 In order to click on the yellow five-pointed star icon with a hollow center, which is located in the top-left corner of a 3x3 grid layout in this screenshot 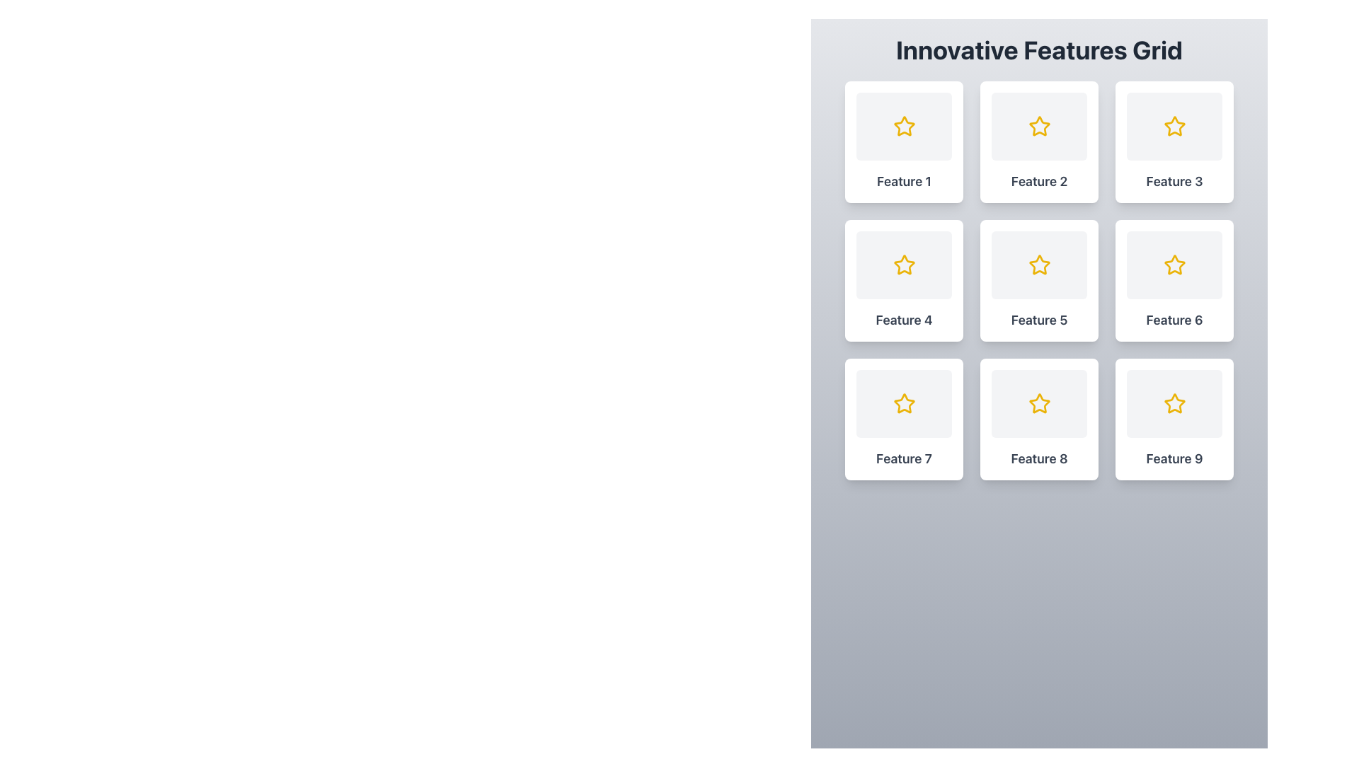, I will do `click(903, 125)`.